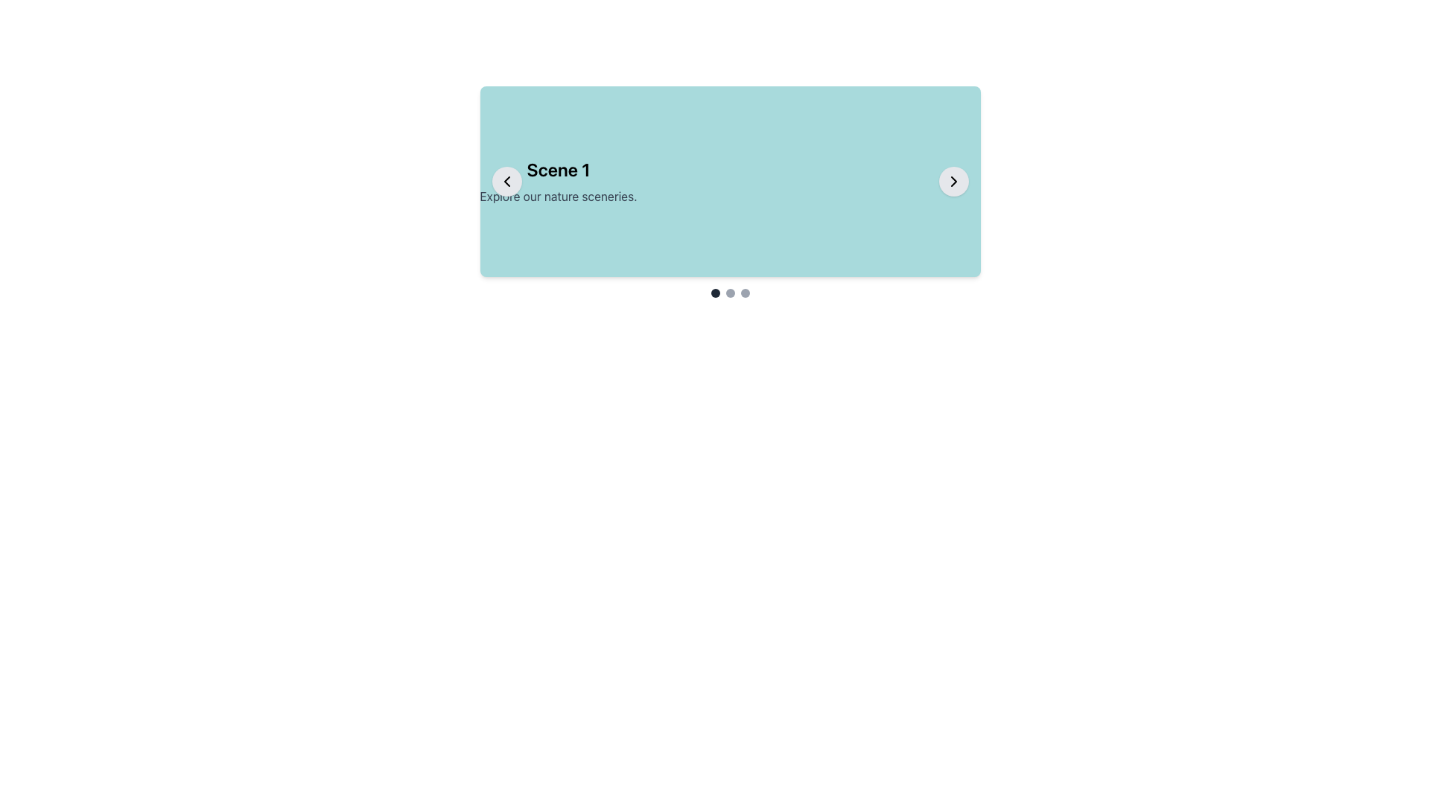 The image size is (1430, 804). What do you see at coordinates (506, 180) in the screenshot?
I see `the left-pointing chevron icon button` at bounding box center [506, 180].